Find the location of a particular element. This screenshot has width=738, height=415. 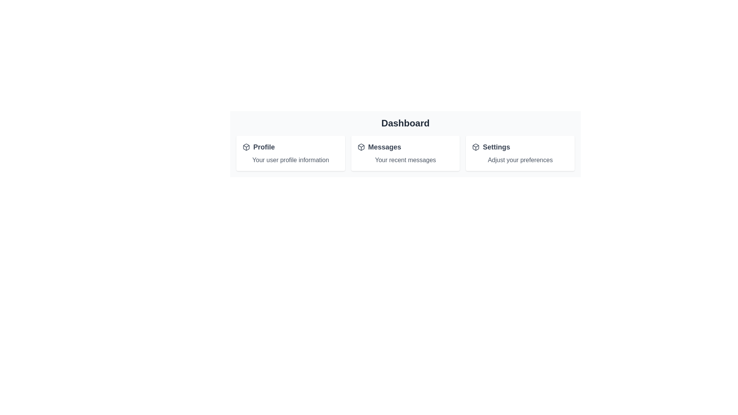

the 'Messages' text label located in the middle card of the horizontal layout, situated between the 'Profile' and 'Settings' cards is located at coordinates (384, 147).